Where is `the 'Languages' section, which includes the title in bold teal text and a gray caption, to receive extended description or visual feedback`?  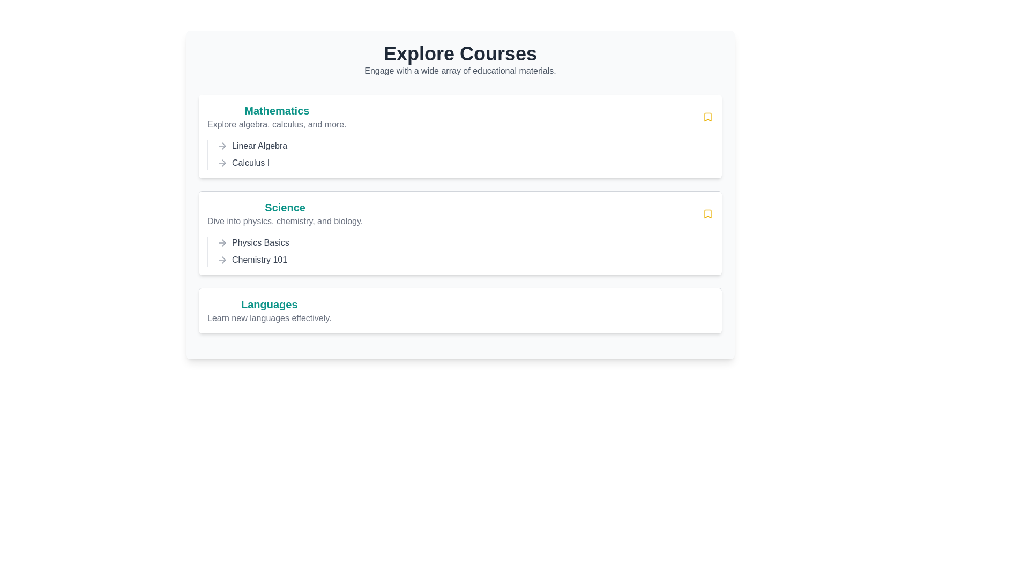 the 'Languages' section, which includes the title in bold teal text and a gray caption, to receive extended description or visual feedback is located at coordinates (269, 311).